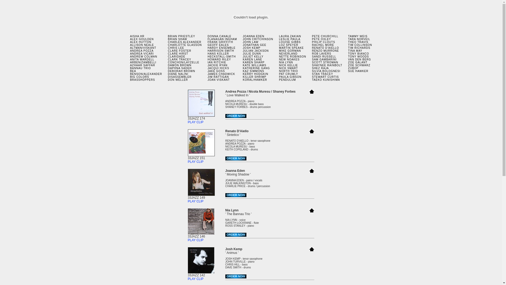 The image size is (506, 285). I want to click on 'KERRY HODGKIN', so click(255, 74).